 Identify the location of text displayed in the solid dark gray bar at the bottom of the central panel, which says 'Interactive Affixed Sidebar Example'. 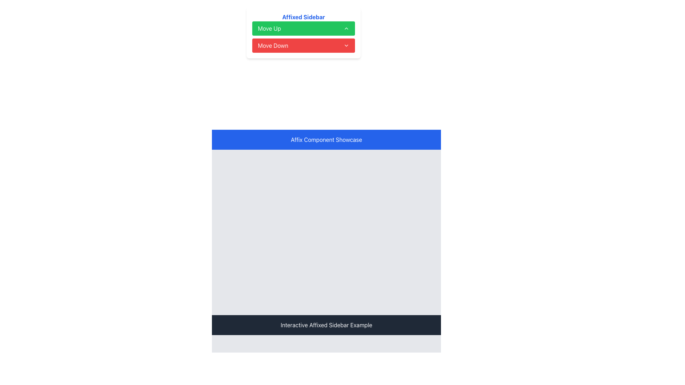
(326, 325).